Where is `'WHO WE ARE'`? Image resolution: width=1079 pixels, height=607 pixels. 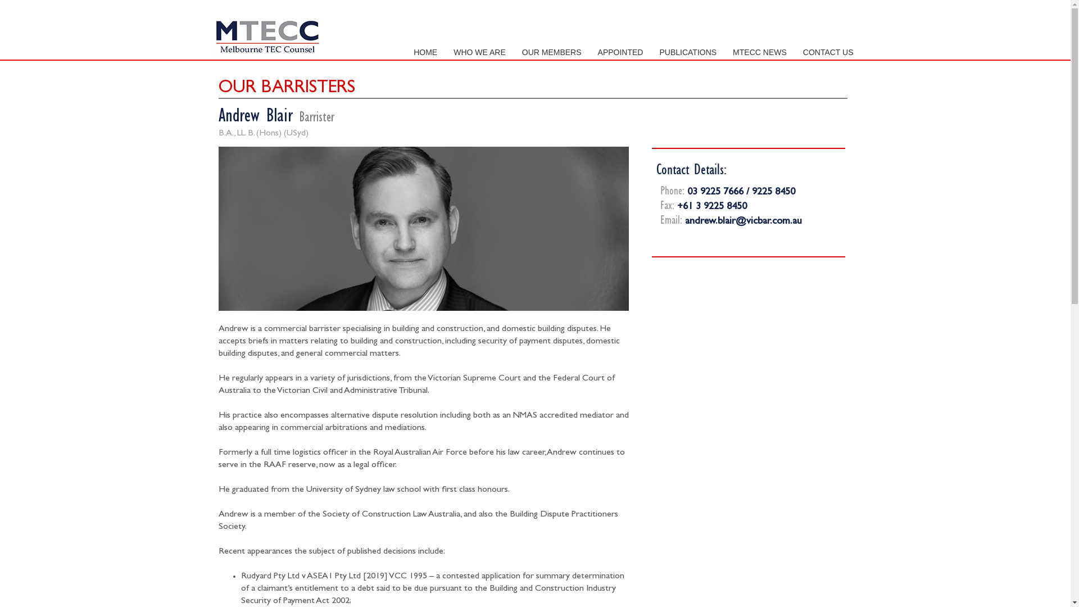
'WHO WE ARE' is located at coordinates (479, 52).